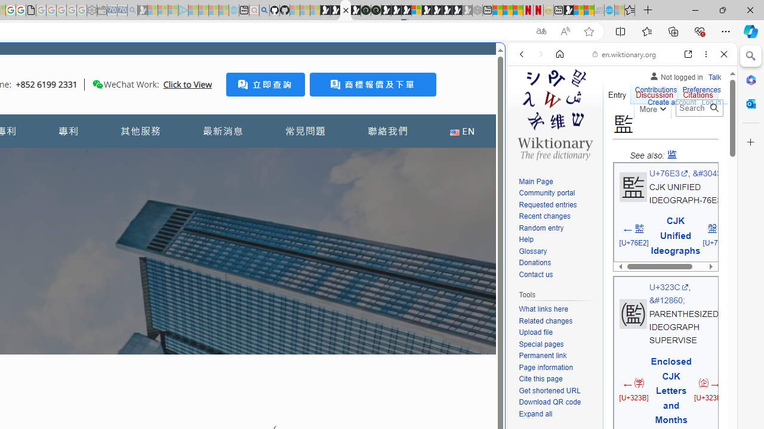  I want to click on 'Get shortened URL', so click(549, 390).